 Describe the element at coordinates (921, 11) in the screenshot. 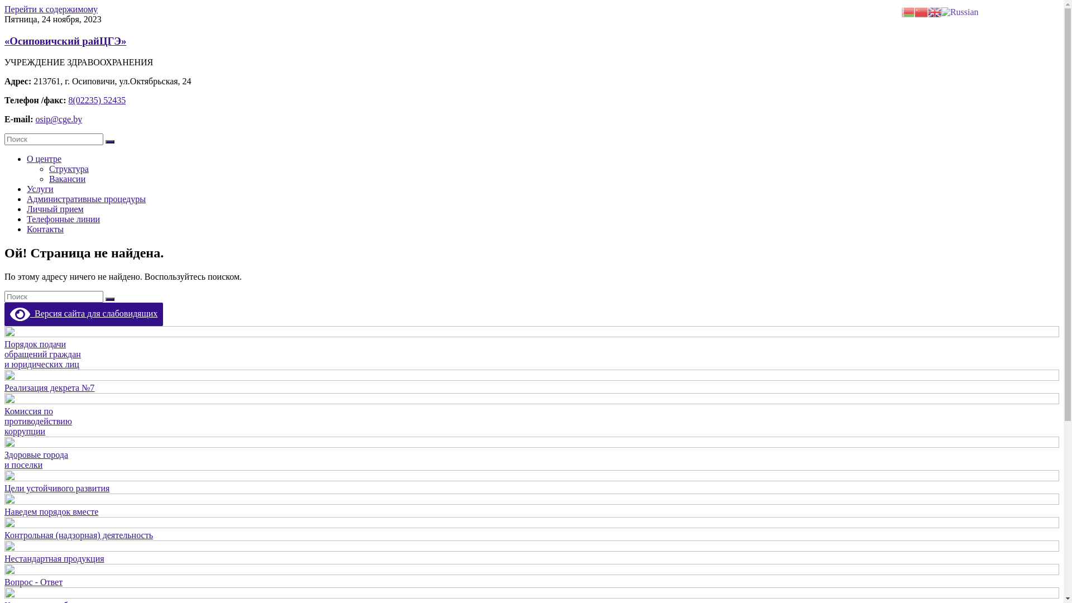

I see `'Chinese (Simplified)'` at that location.